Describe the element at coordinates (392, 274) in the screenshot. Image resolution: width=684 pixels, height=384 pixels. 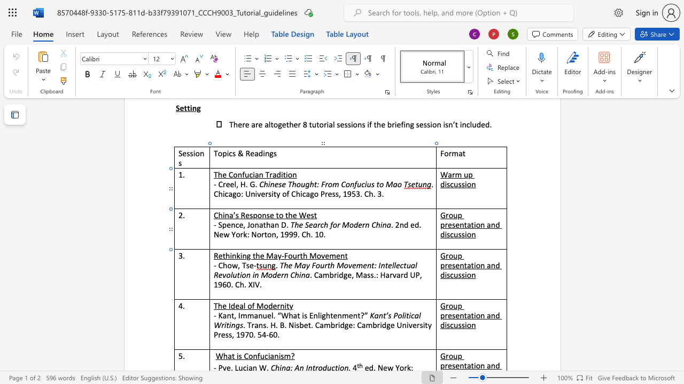
I see `the space between the continuous character "r" and "v" in the text` at that location.